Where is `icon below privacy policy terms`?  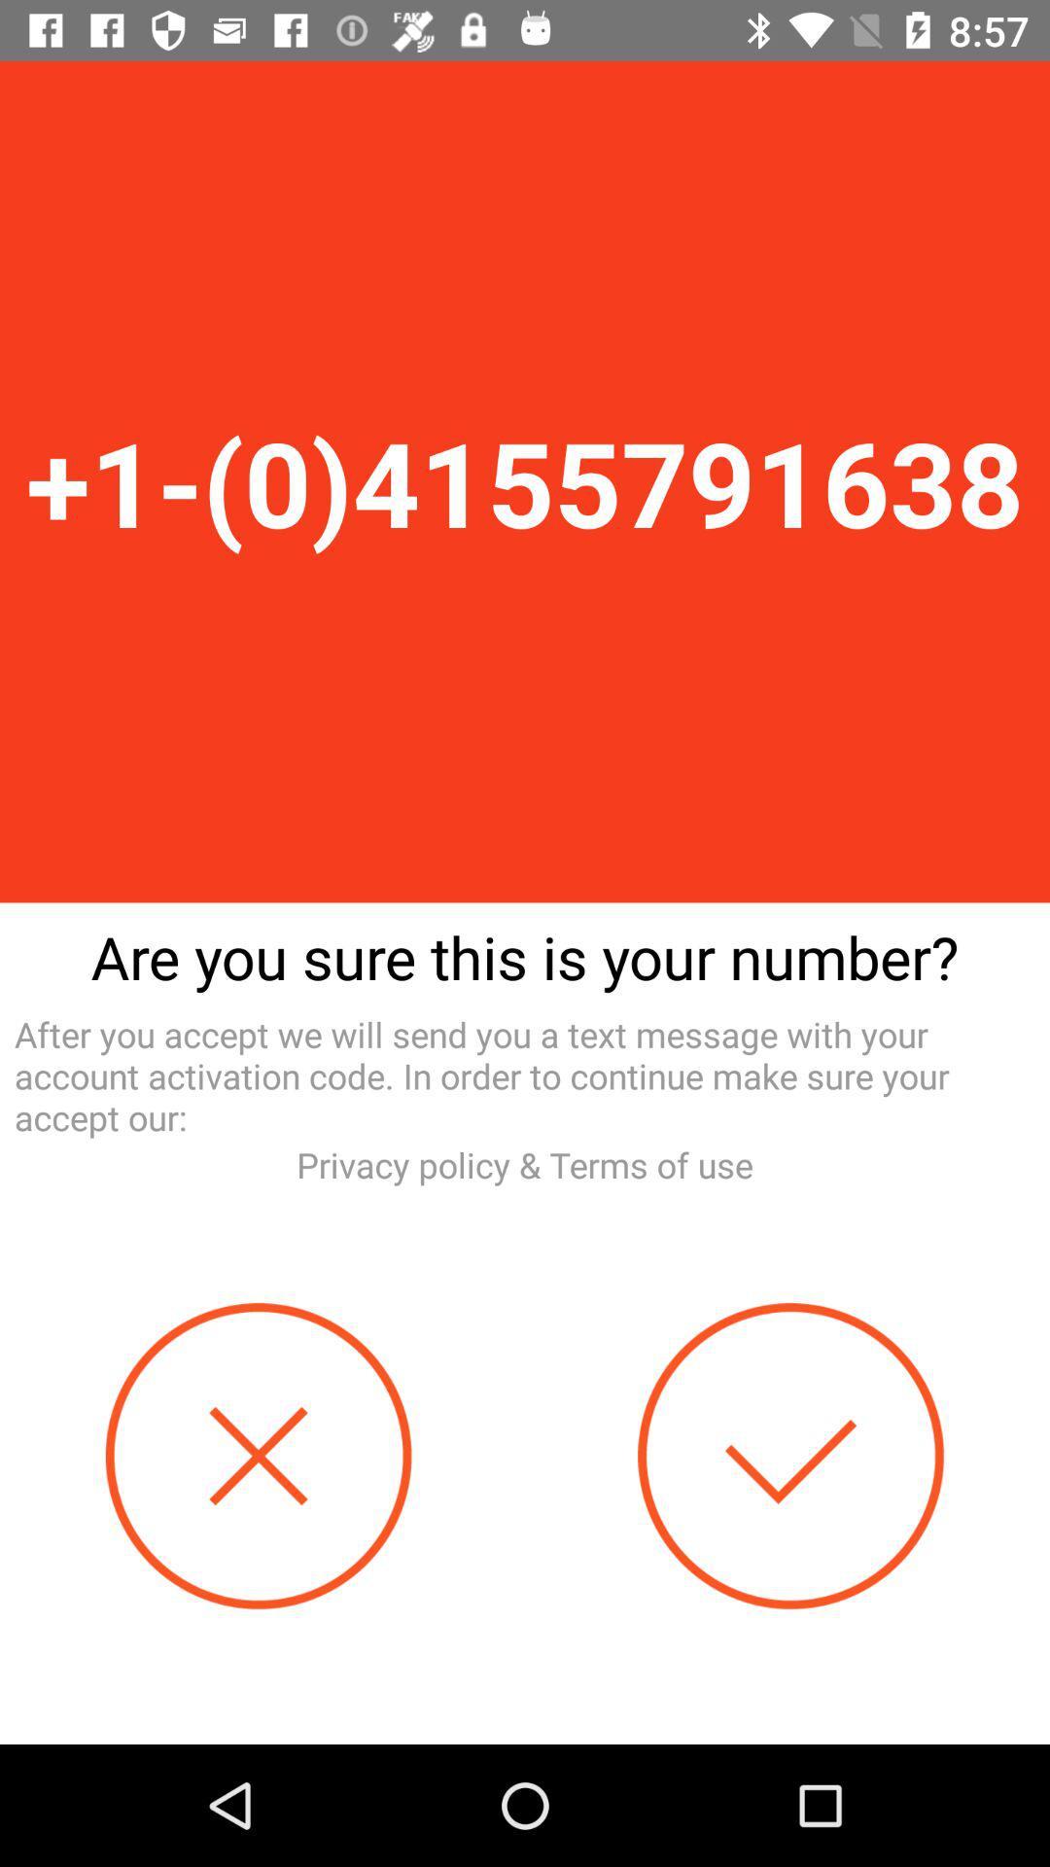
icon below privacy policy terms is located at coordinates (790, 1456).